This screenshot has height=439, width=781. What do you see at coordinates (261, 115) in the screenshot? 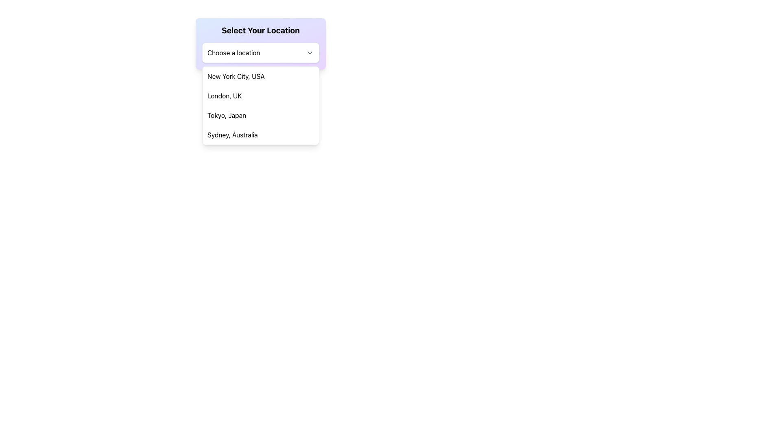
I see `to select the list item labeled 'Tokyo, Japan' from the dropdown menu, which is styled with padding and a hover effect, and is the third item in a vertical stack of options` at bounding box center [261, 115].